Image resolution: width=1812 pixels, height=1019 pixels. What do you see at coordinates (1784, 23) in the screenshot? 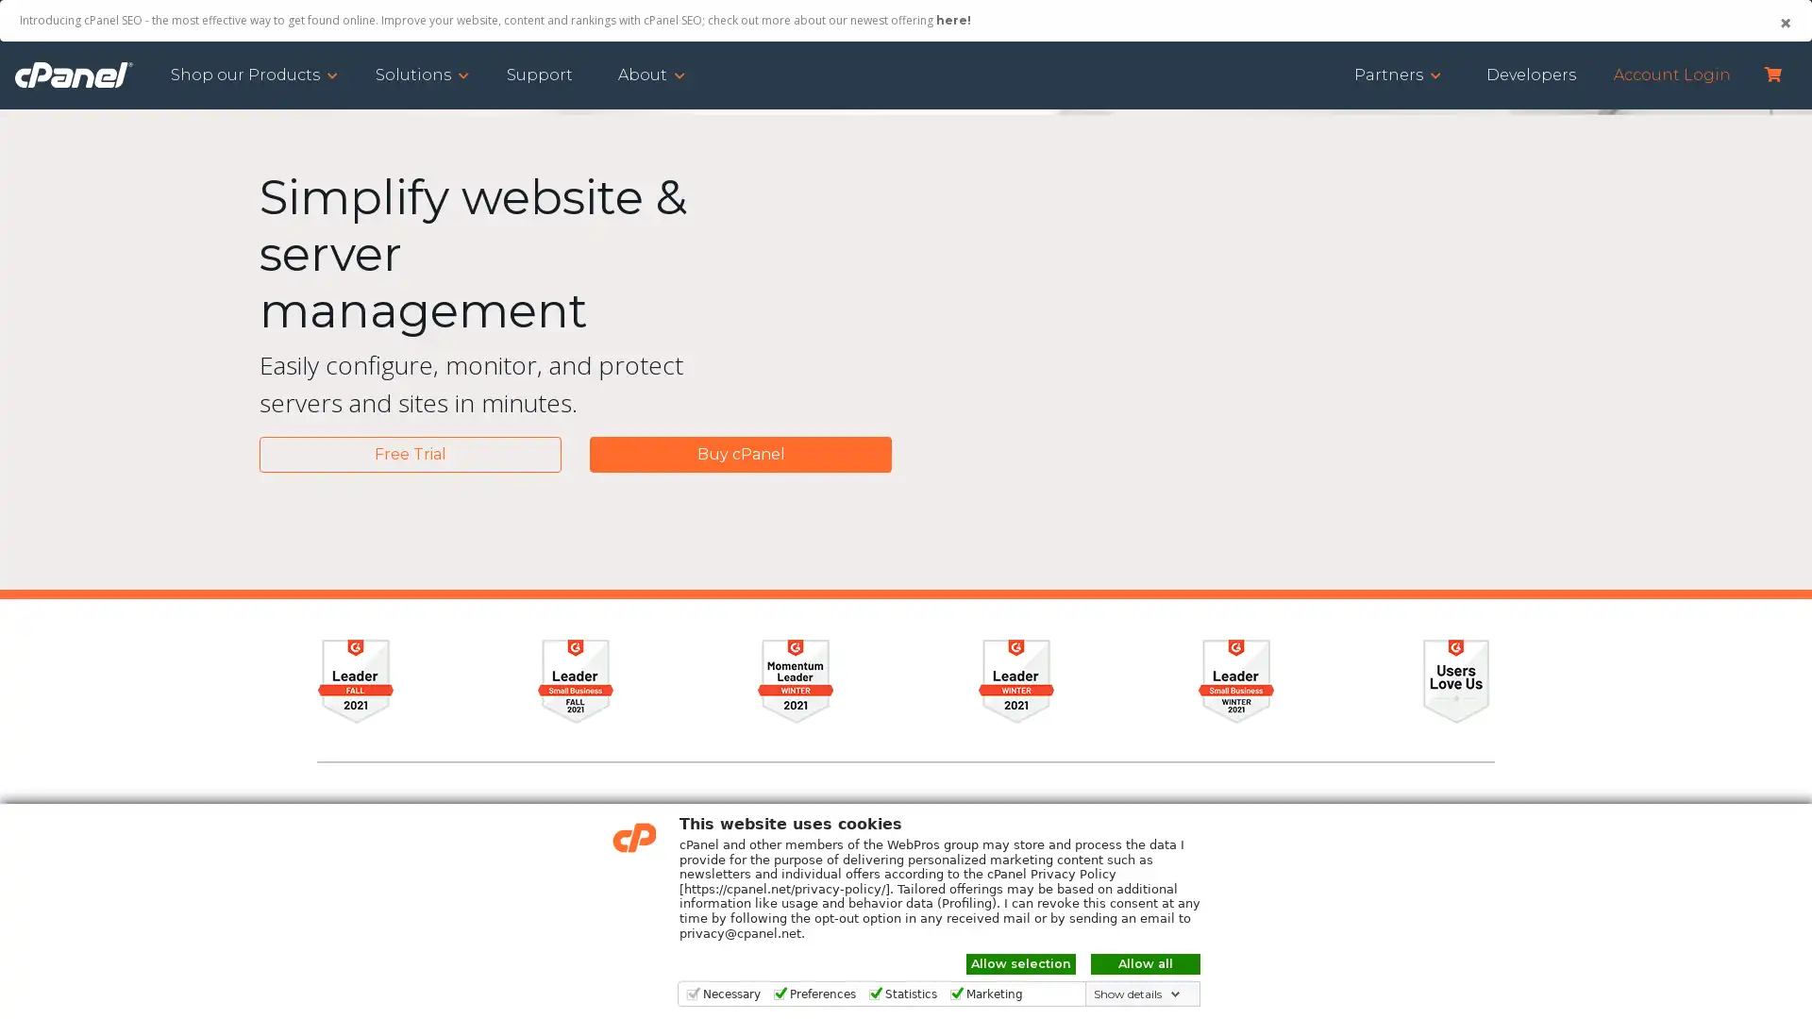
I see `Close` at bounding box center [1784, 23].